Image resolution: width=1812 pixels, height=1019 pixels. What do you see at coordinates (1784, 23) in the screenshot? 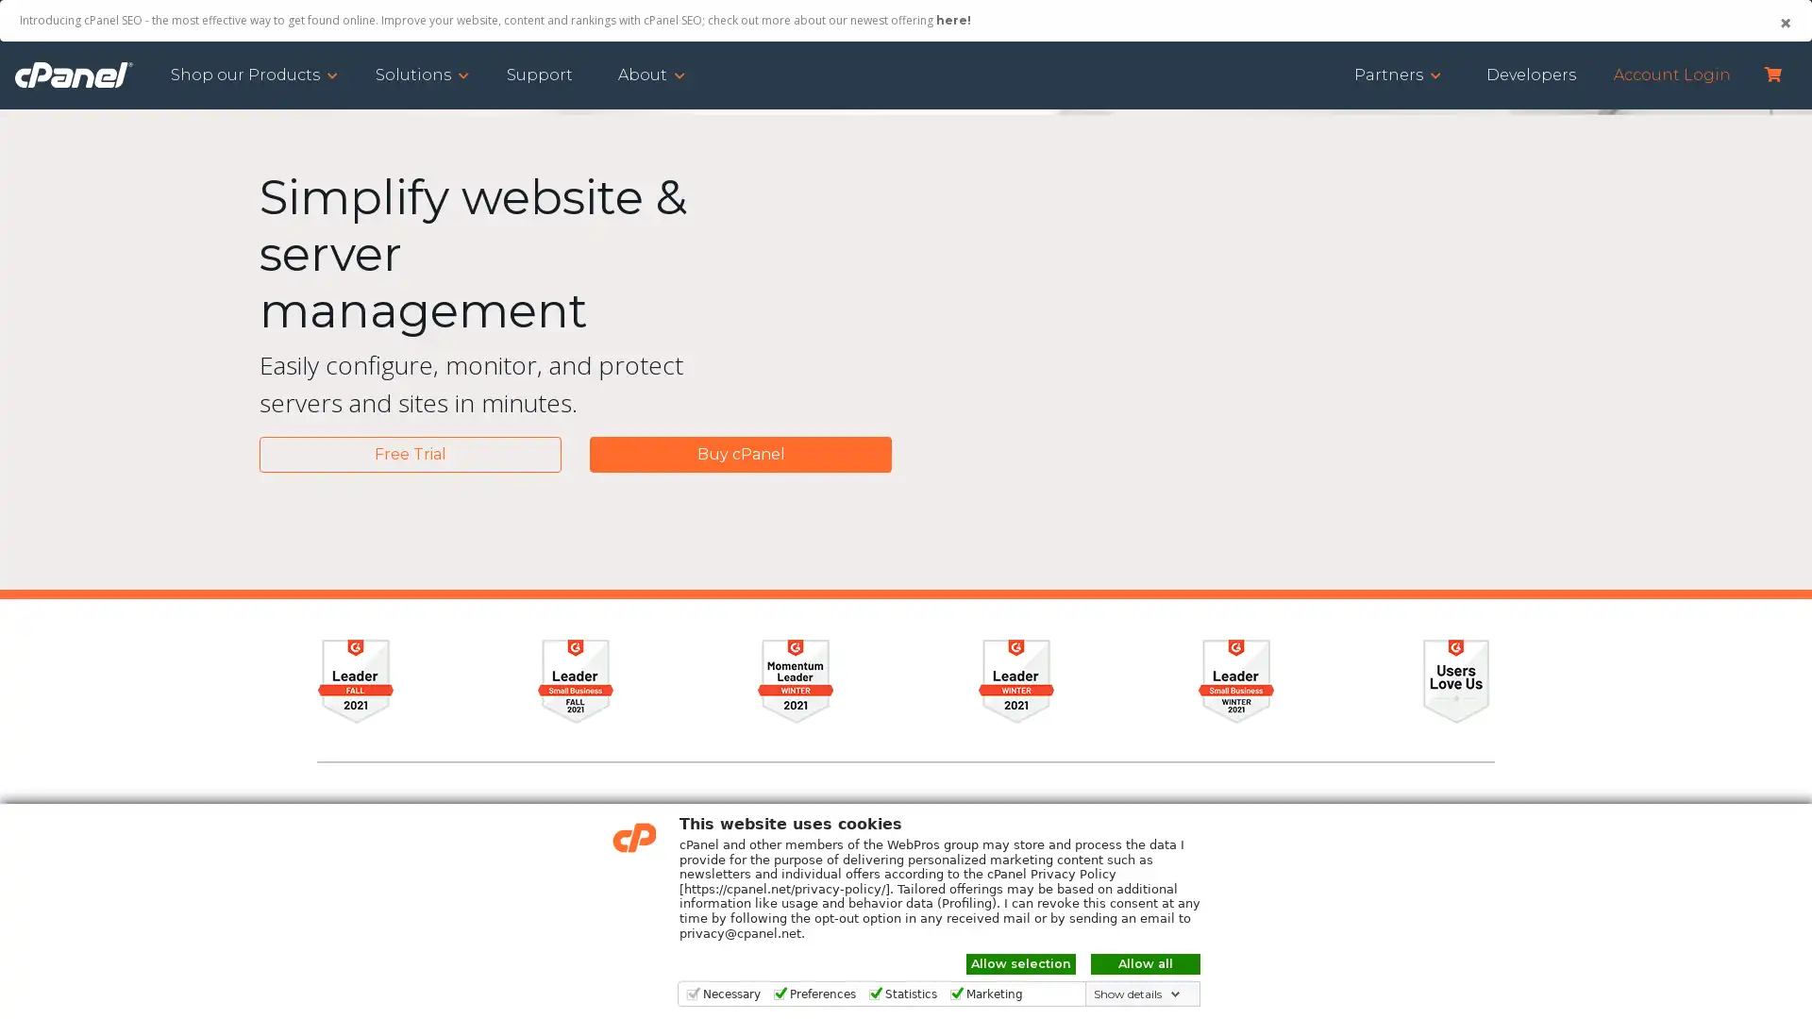
I see `Close` at bounding box center [1784, 23].